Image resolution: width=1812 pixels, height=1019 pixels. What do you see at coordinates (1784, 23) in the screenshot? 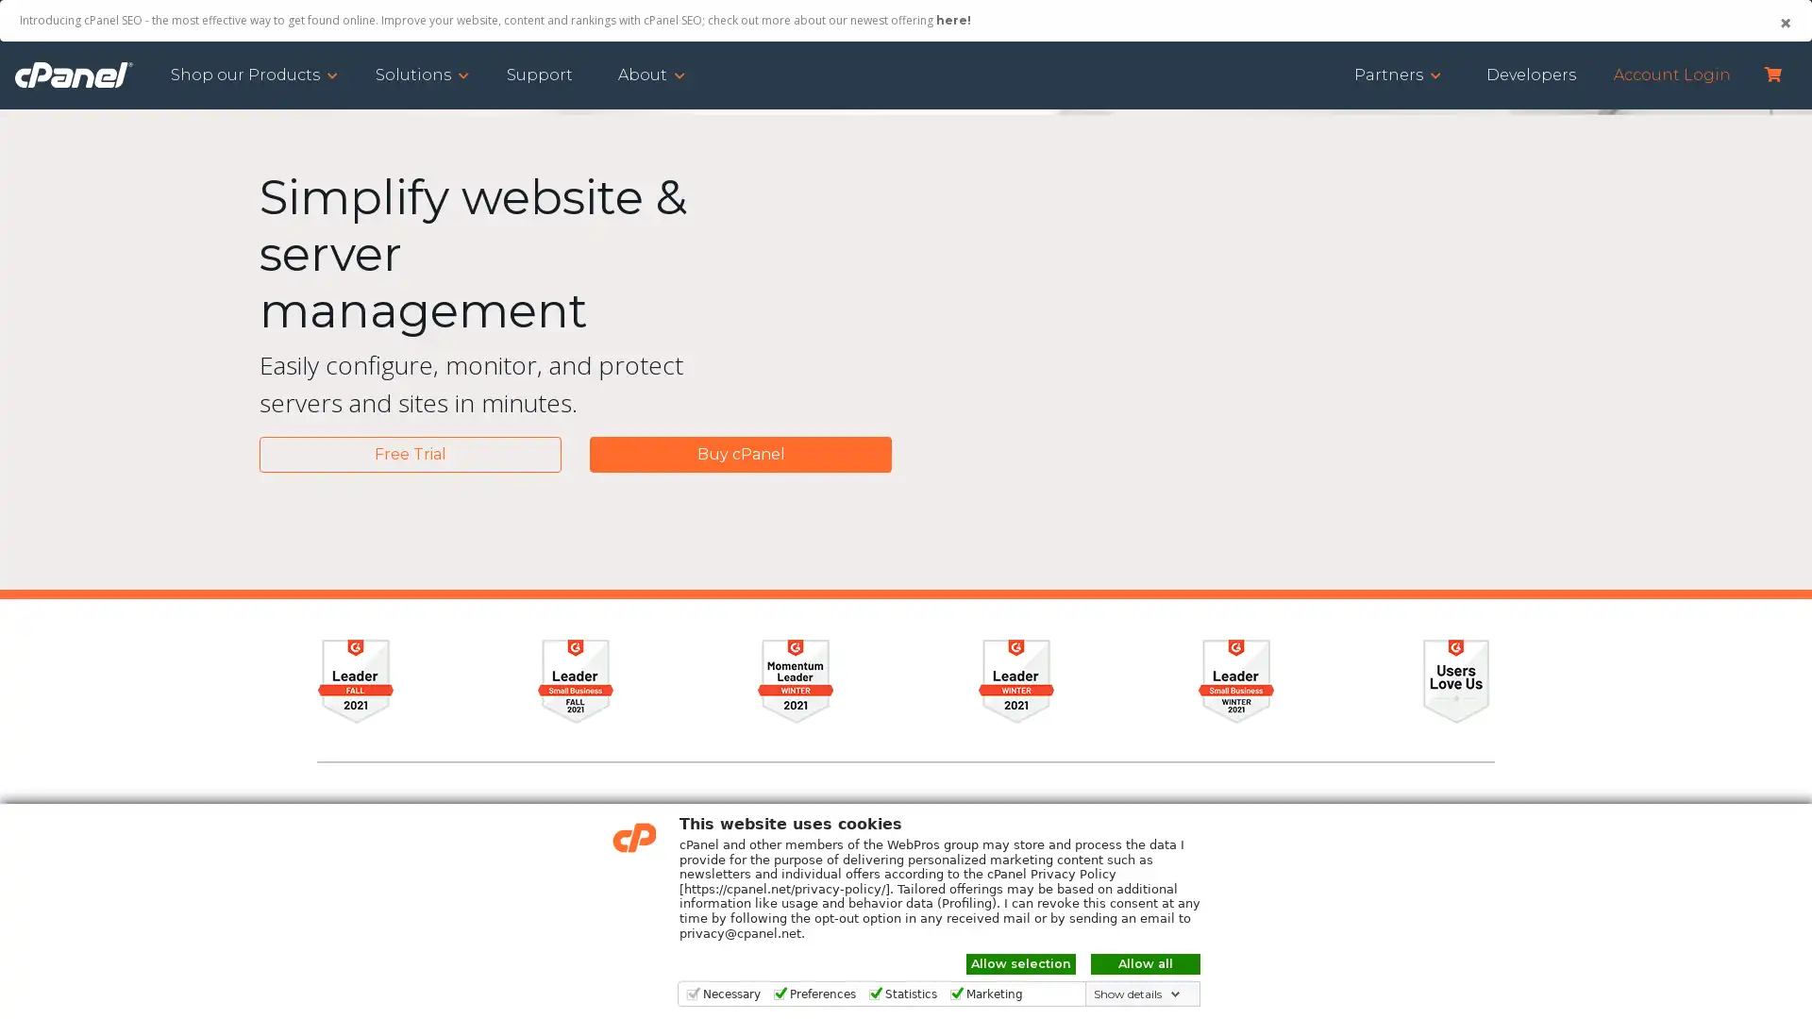
I see `Close` at bounding box center [1784, 23].